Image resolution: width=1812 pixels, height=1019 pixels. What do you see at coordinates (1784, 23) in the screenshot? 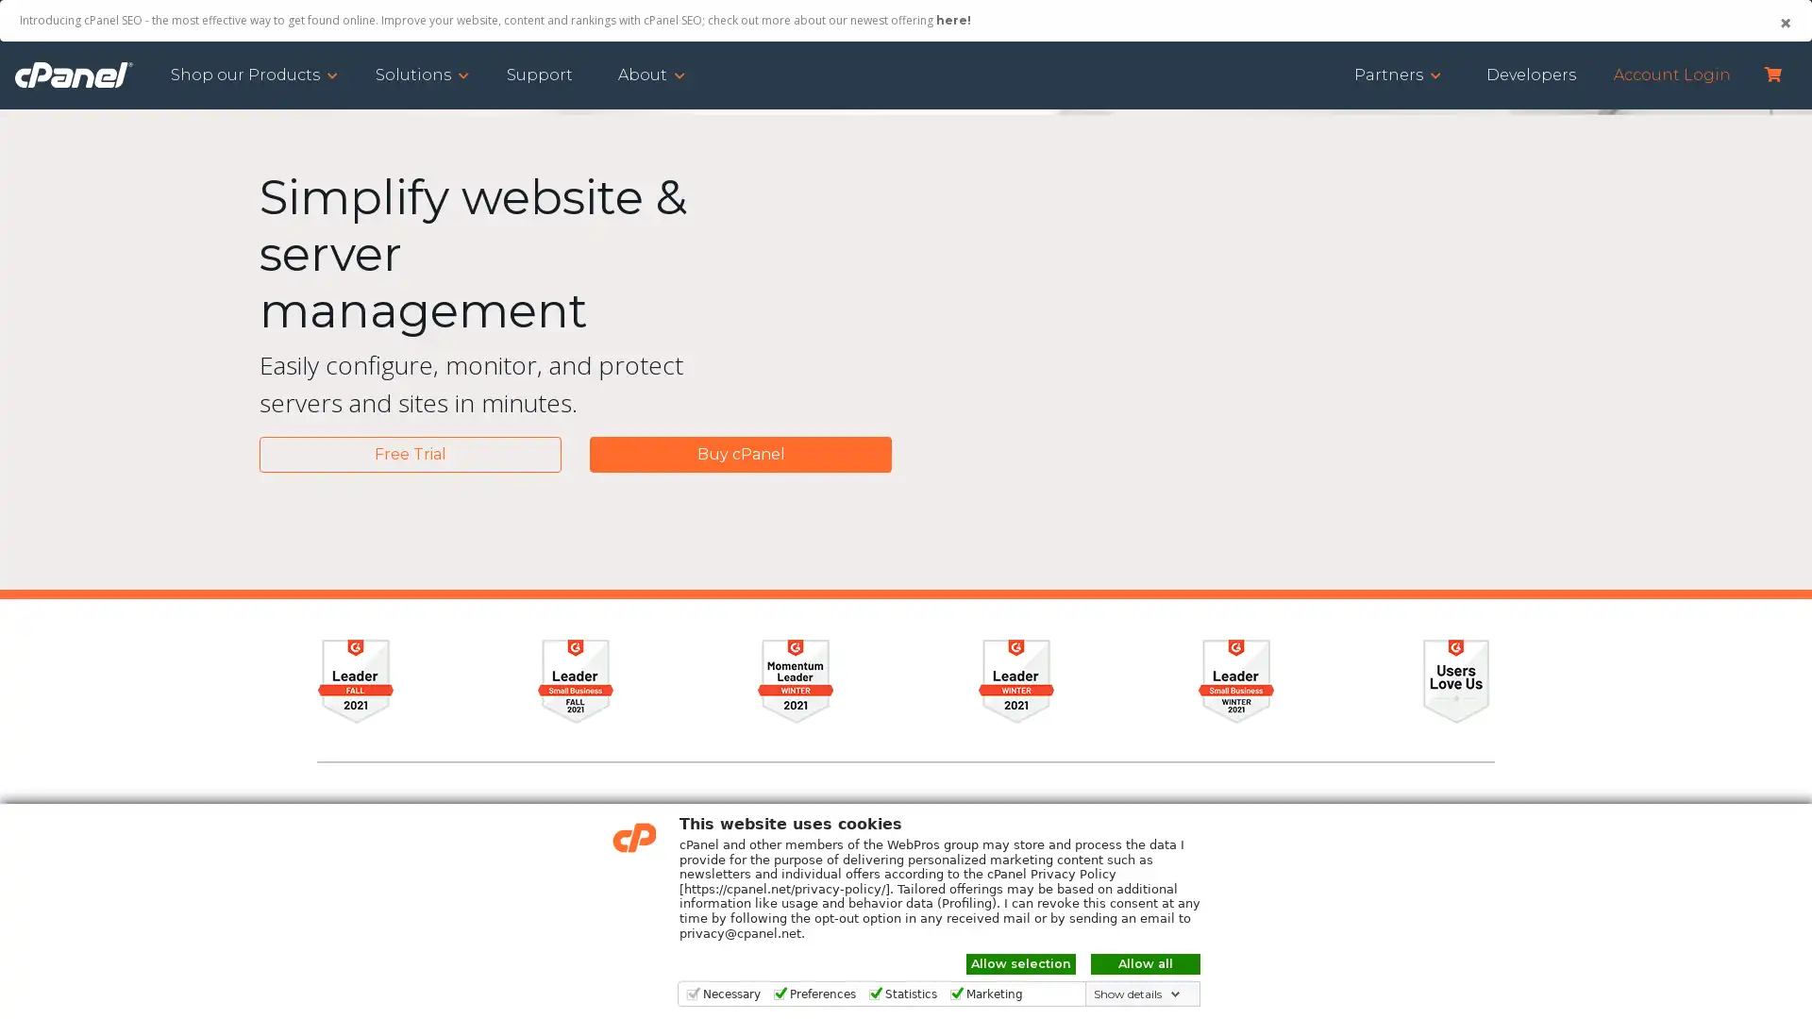
I see `Close` at bounding box center [1784, 23].